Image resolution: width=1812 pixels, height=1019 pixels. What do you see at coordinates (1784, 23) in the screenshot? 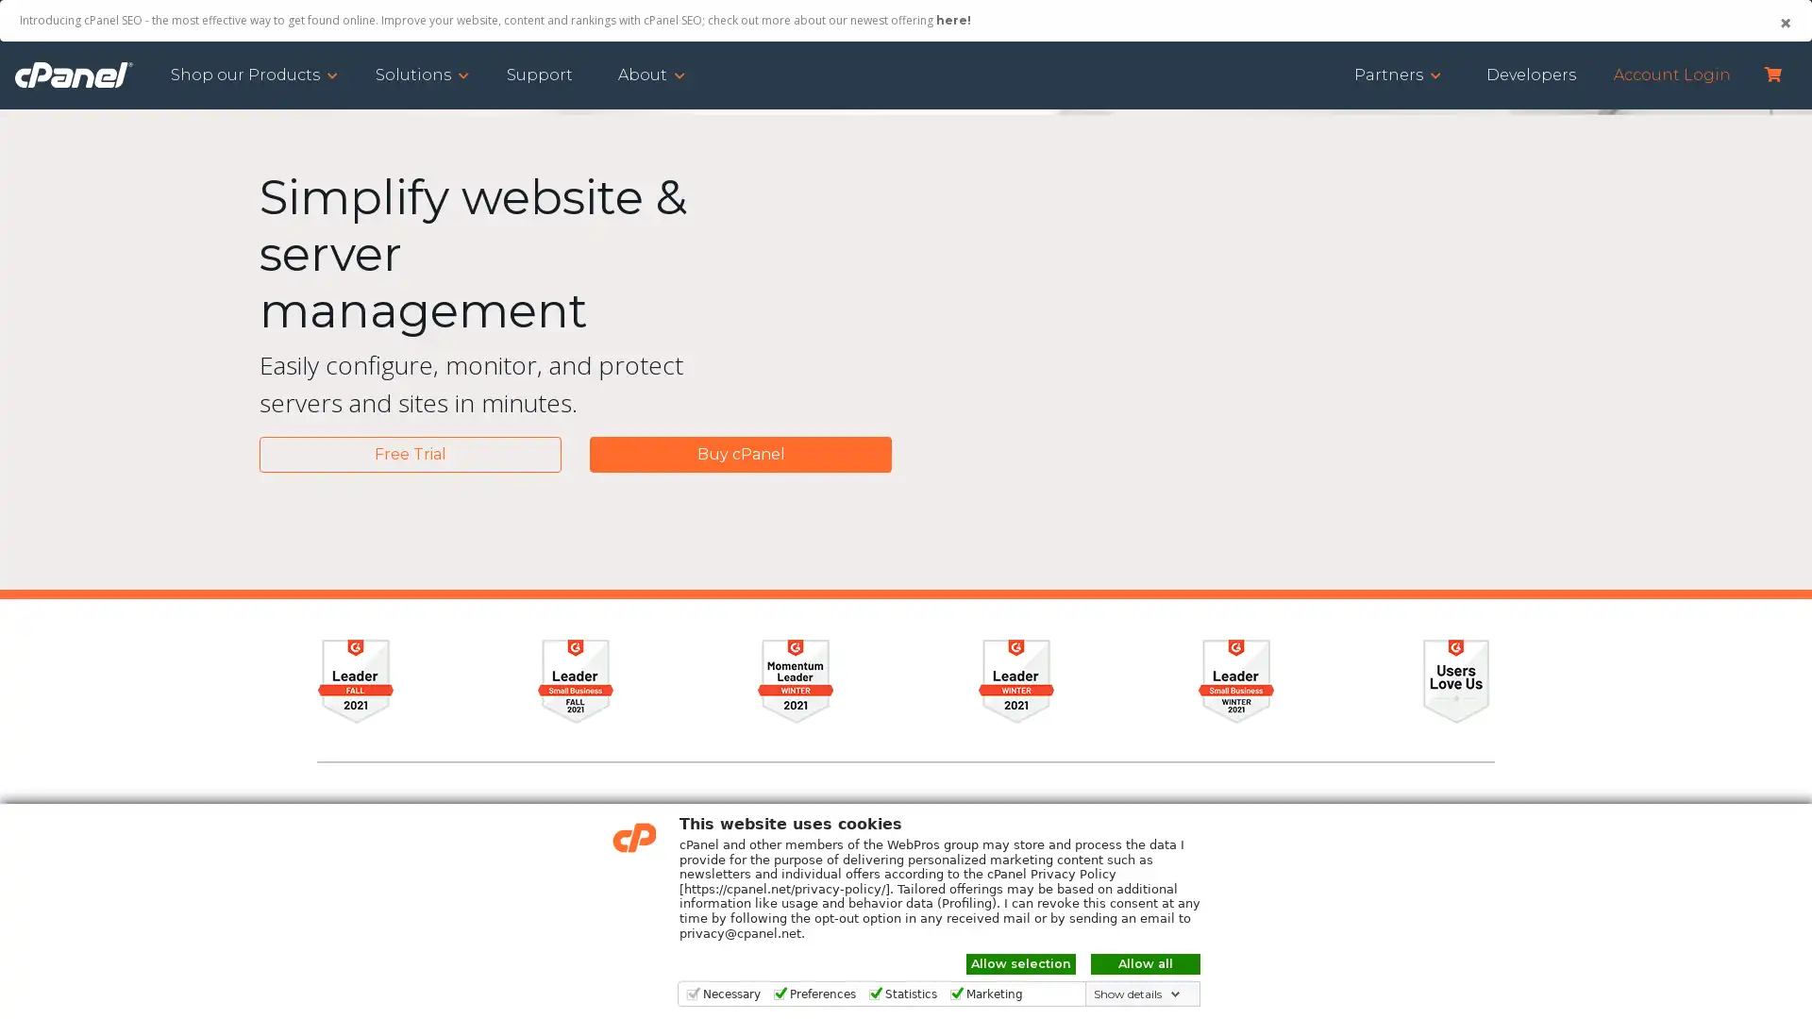
I see `Close` at bounding box center [1784, 23].